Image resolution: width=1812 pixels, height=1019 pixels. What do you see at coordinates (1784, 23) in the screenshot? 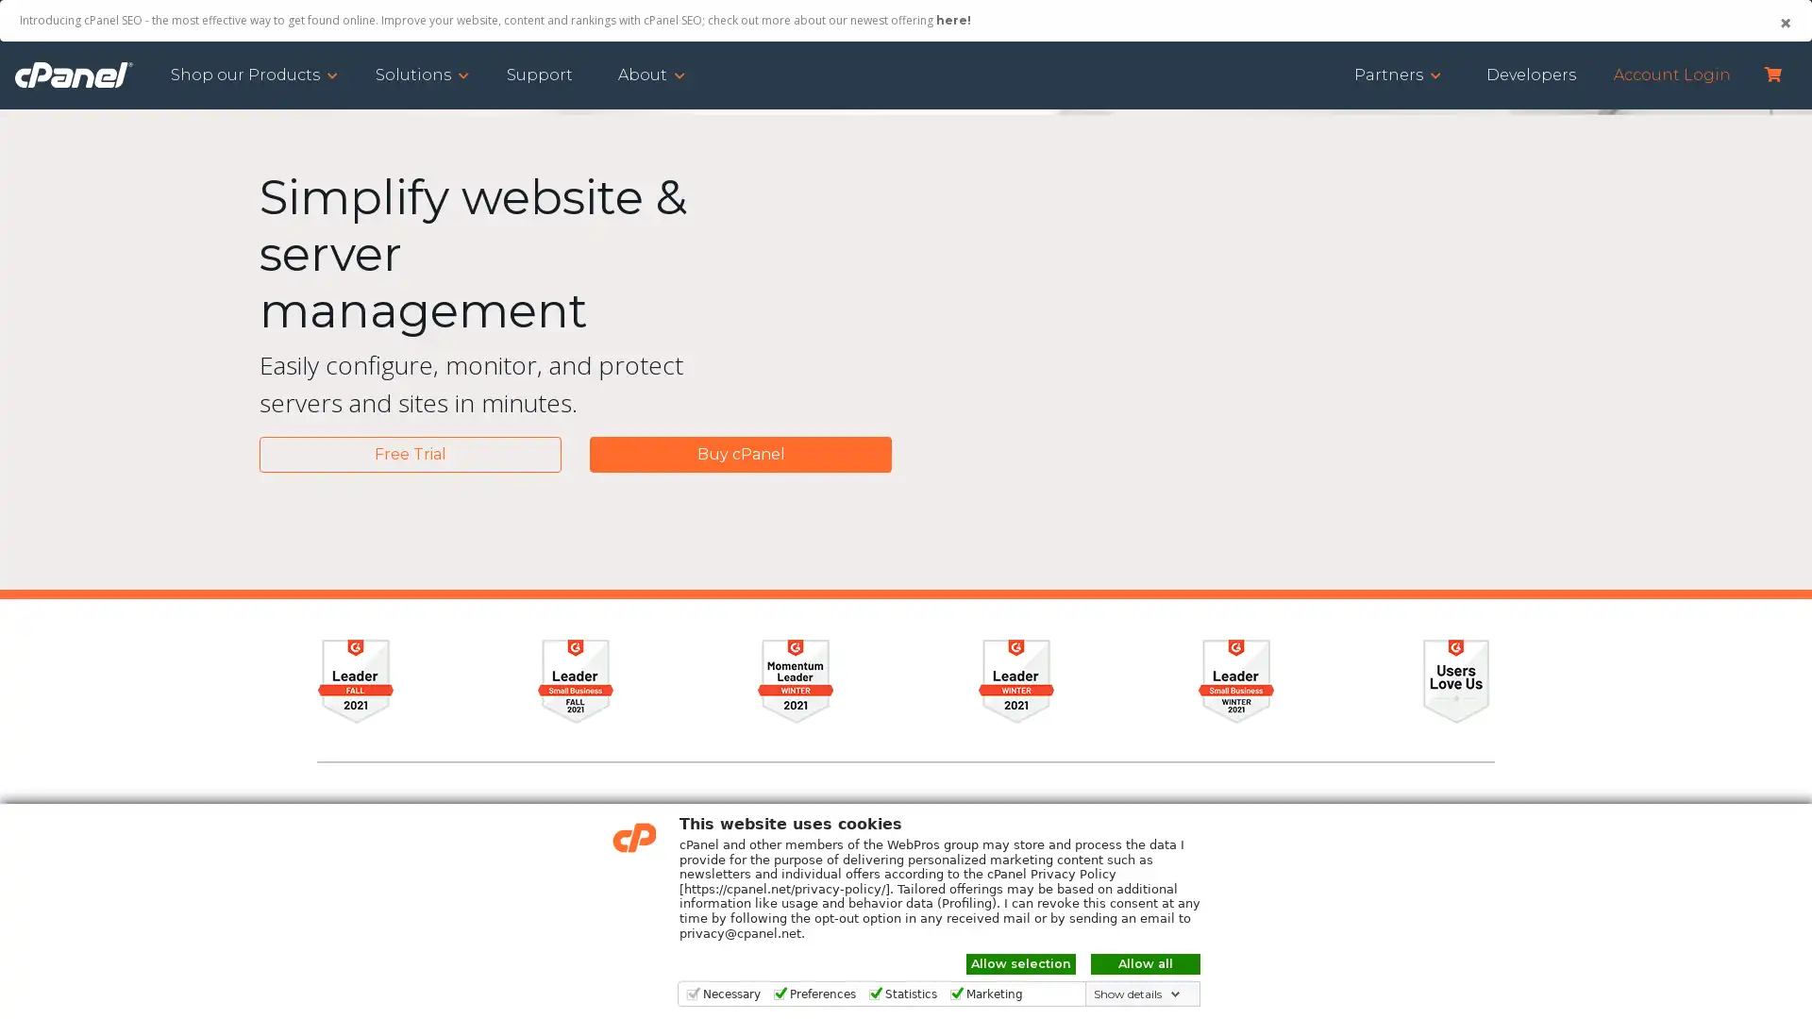
I see `Close` at bounding box center [1784, 23].